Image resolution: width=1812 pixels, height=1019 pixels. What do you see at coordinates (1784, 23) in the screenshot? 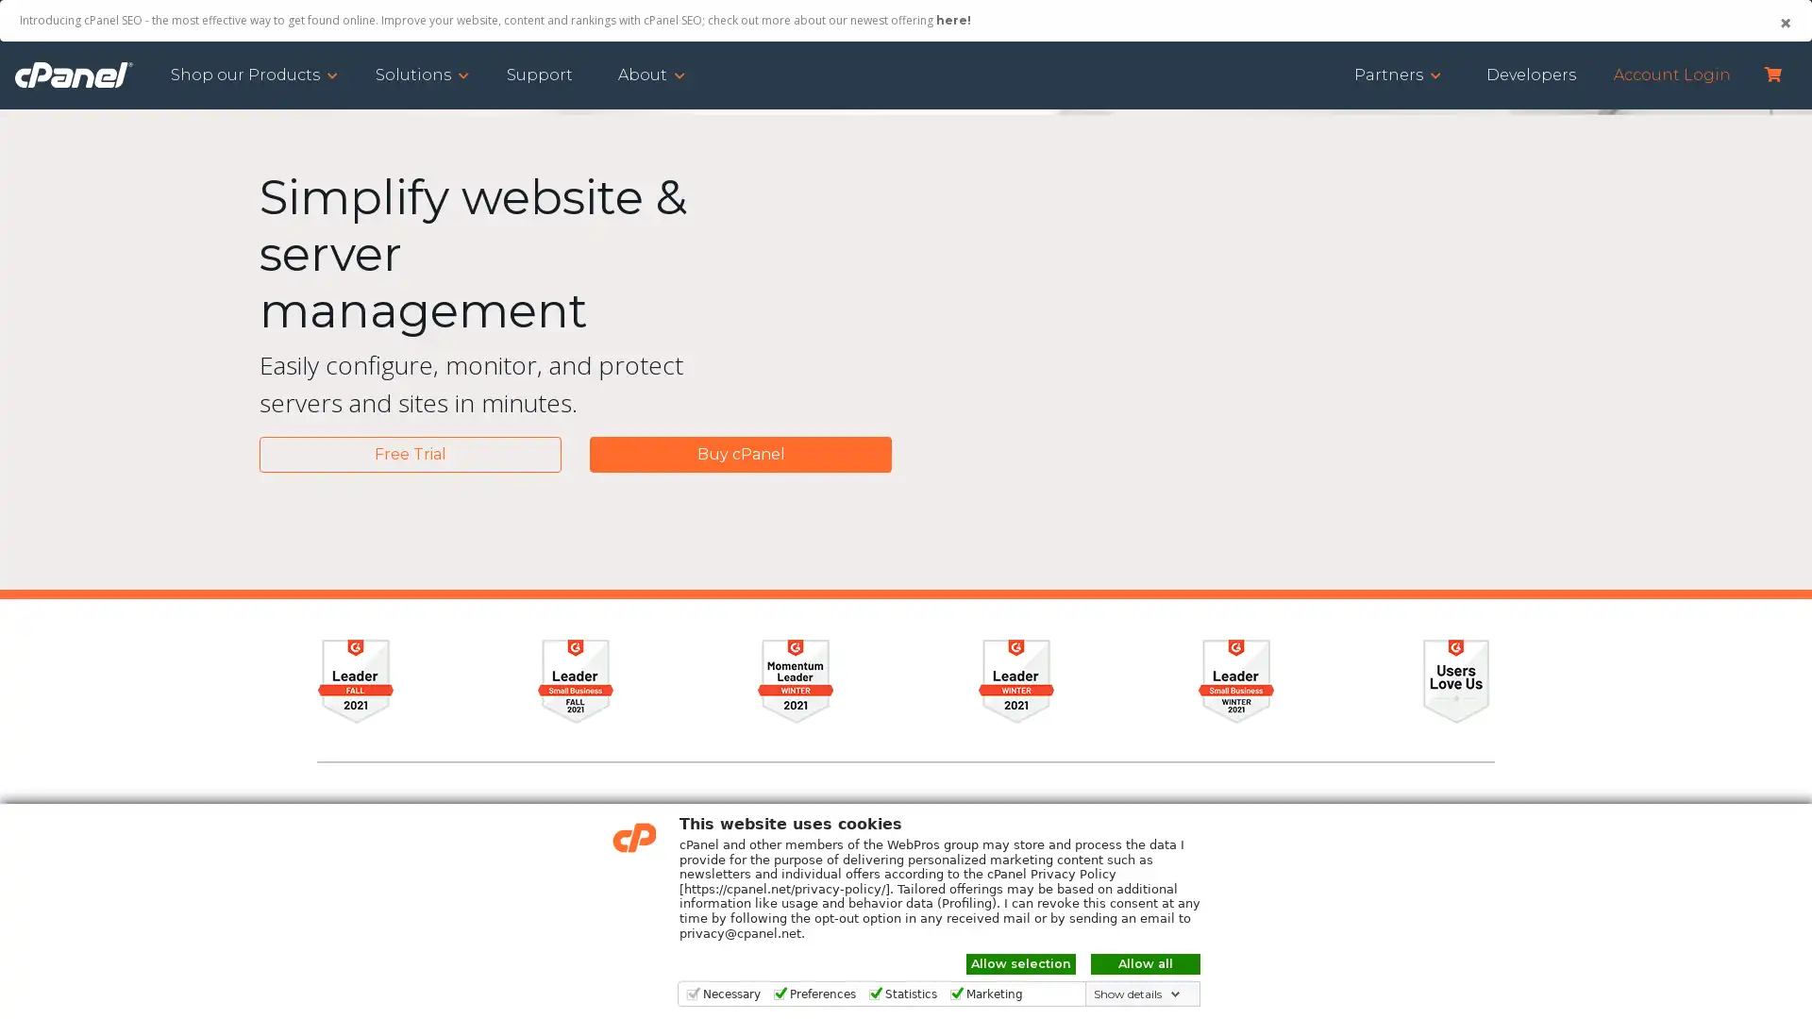
I see `Close` at bounding box center [1784, 23].